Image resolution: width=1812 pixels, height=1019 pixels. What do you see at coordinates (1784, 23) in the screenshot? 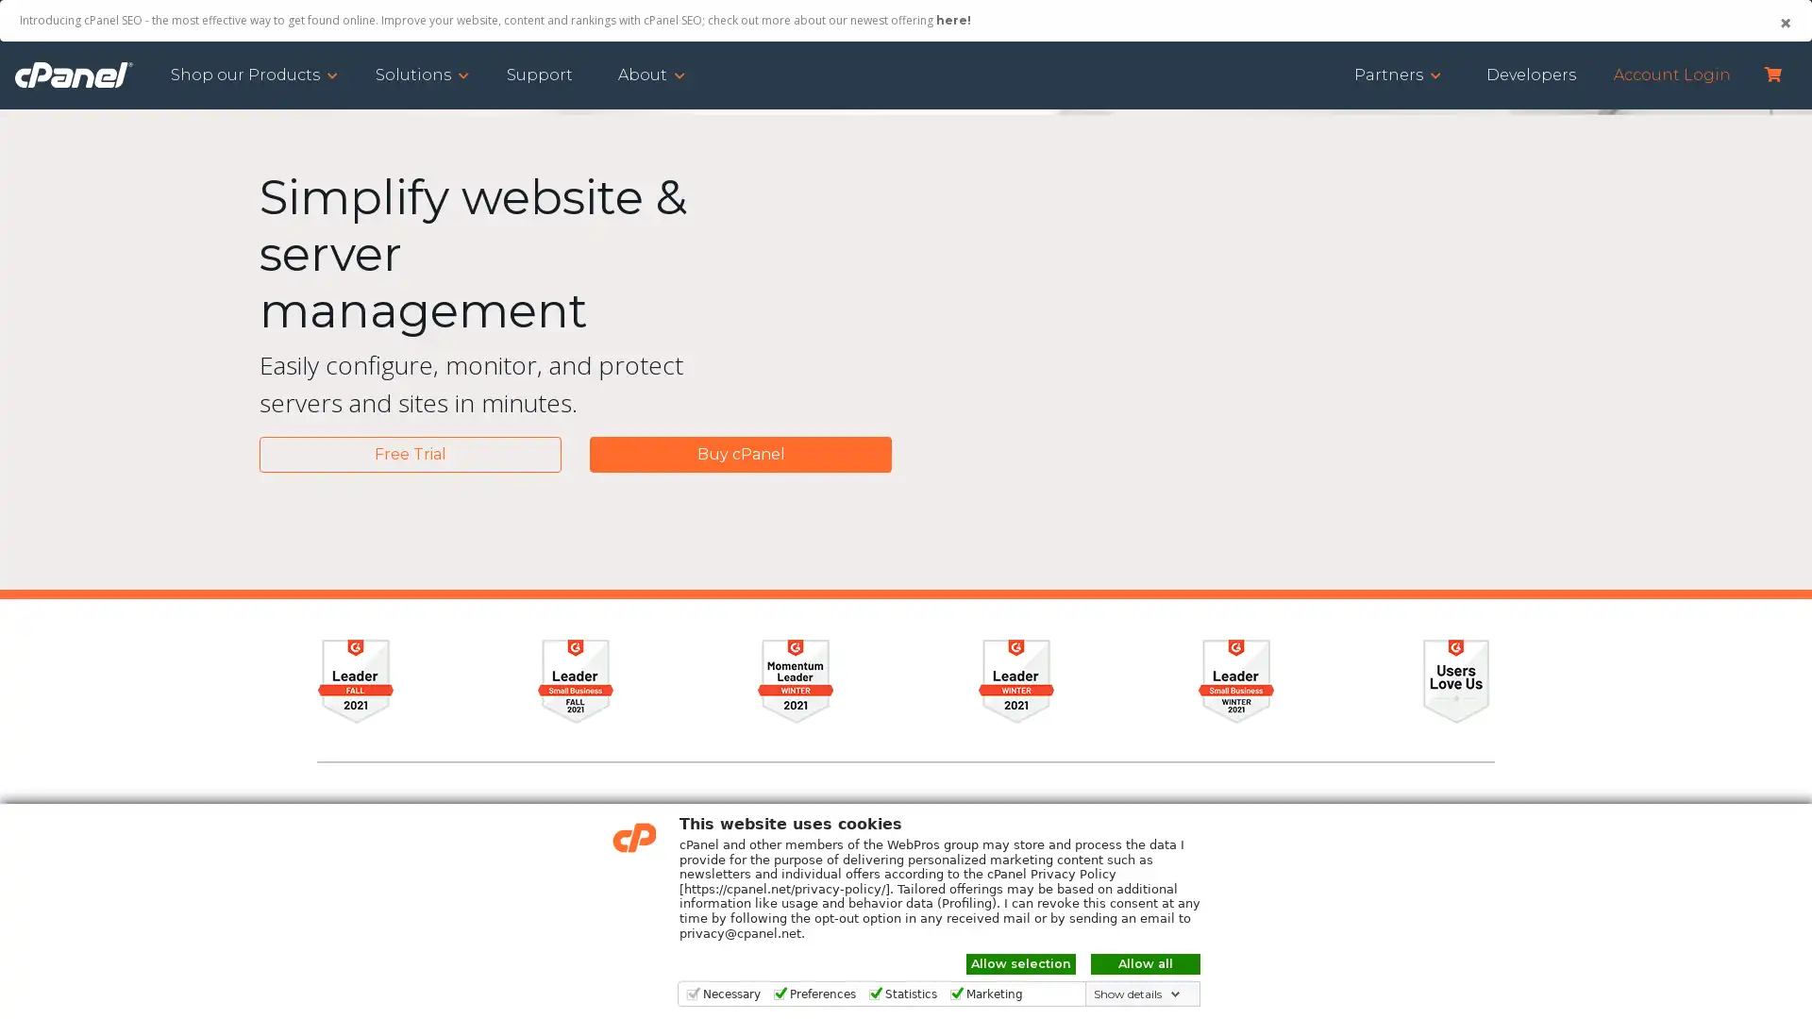
I see `Close` at bounding box center [1784, 23].